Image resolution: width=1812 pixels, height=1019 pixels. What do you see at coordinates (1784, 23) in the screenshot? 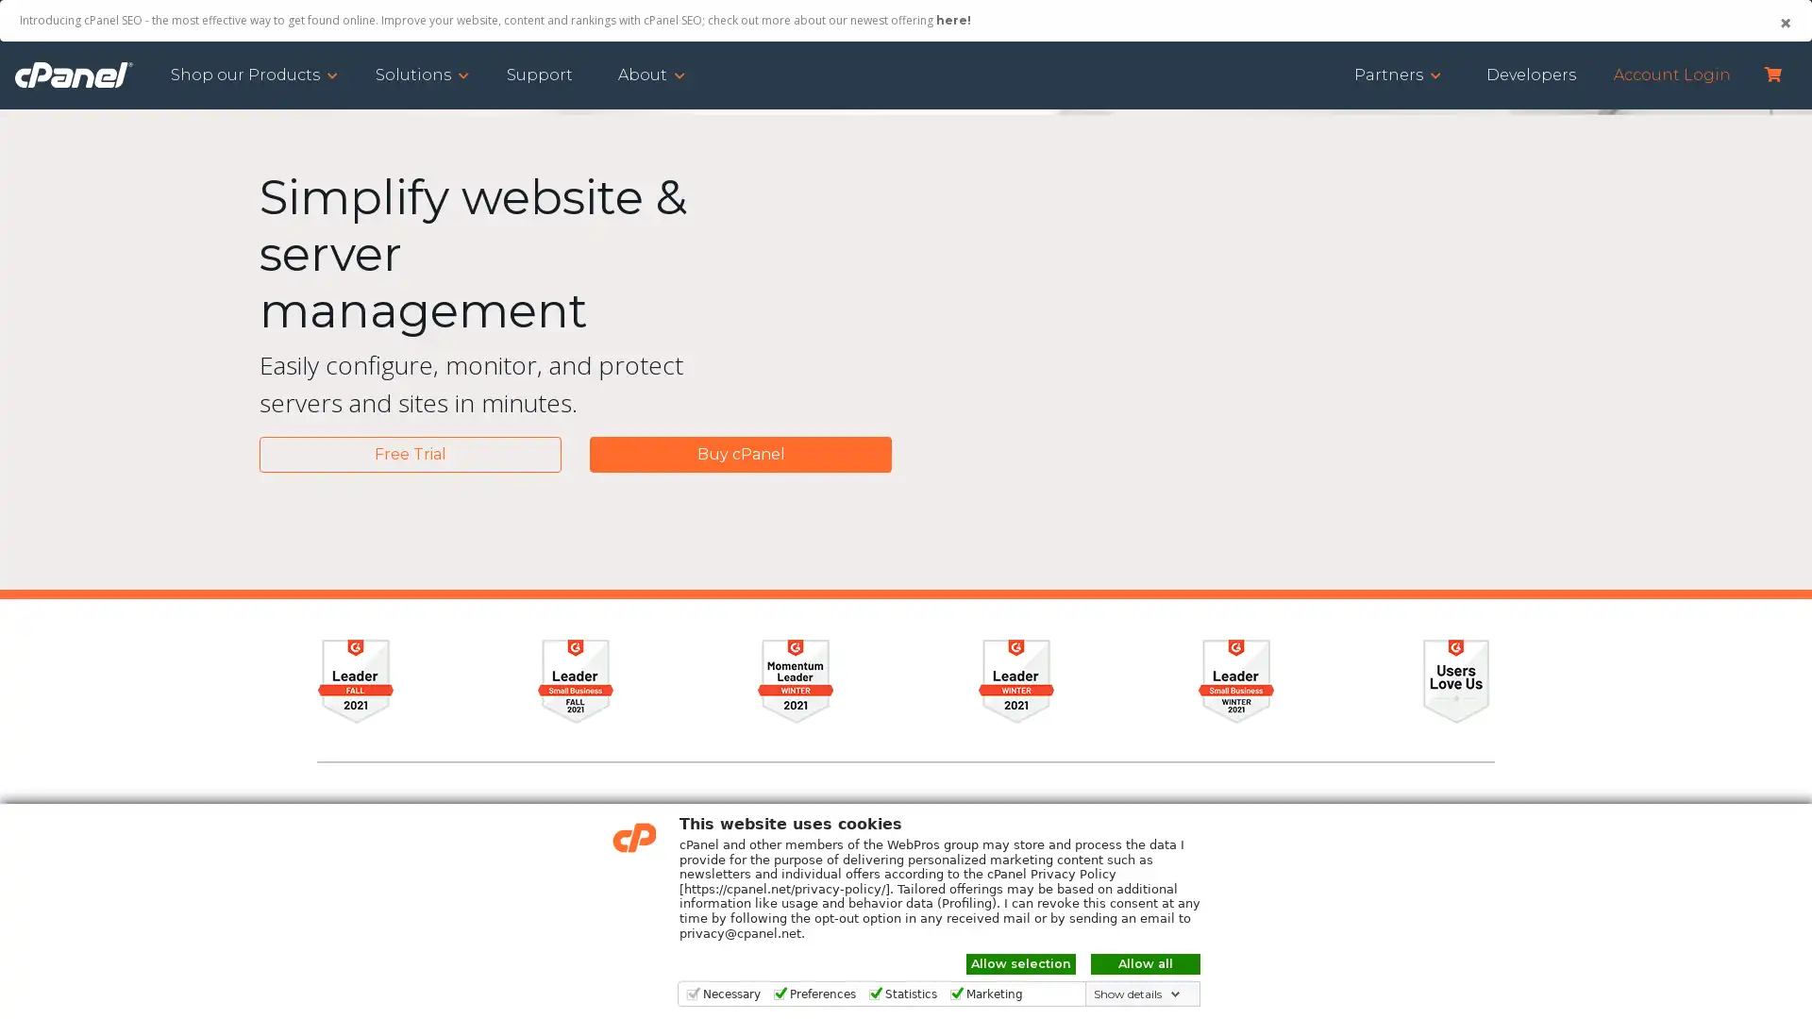
I see `Close` at bounding box center [1784, 23].